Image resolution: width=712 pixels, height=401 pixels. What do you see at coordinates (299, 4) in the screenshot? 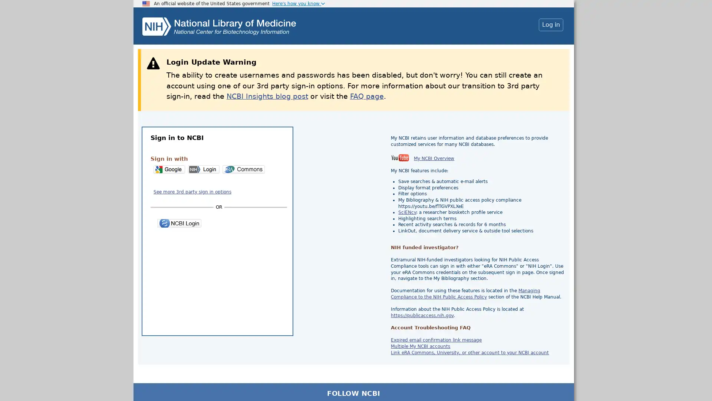
I see `Here's how you know` at bounding box center [299, 4].